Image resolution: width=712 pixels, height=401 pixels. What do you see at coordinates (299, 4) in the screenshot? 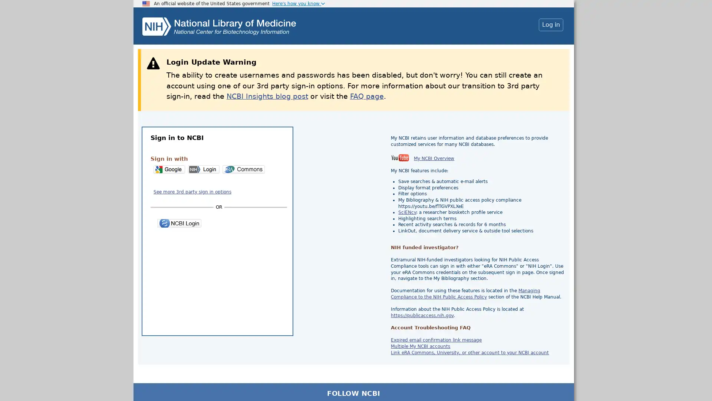
I see `Here's how you know` at bounding box center [299, 4].